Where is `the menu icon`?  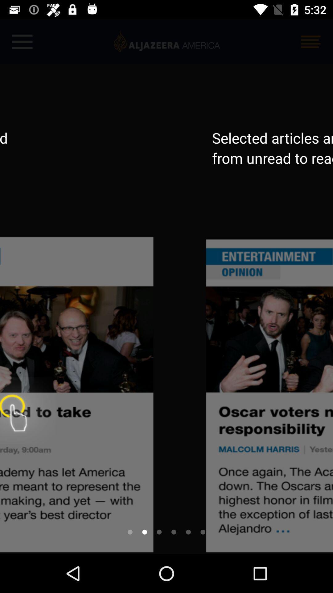
the menu icon is located at coordinates (310, 41).